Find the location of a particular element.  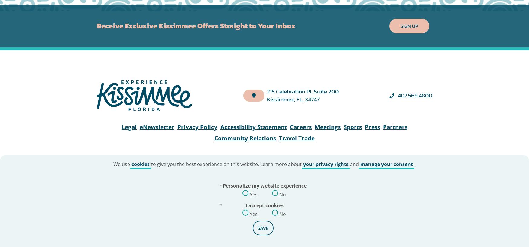

'.' is located at coordinates (414, 24).